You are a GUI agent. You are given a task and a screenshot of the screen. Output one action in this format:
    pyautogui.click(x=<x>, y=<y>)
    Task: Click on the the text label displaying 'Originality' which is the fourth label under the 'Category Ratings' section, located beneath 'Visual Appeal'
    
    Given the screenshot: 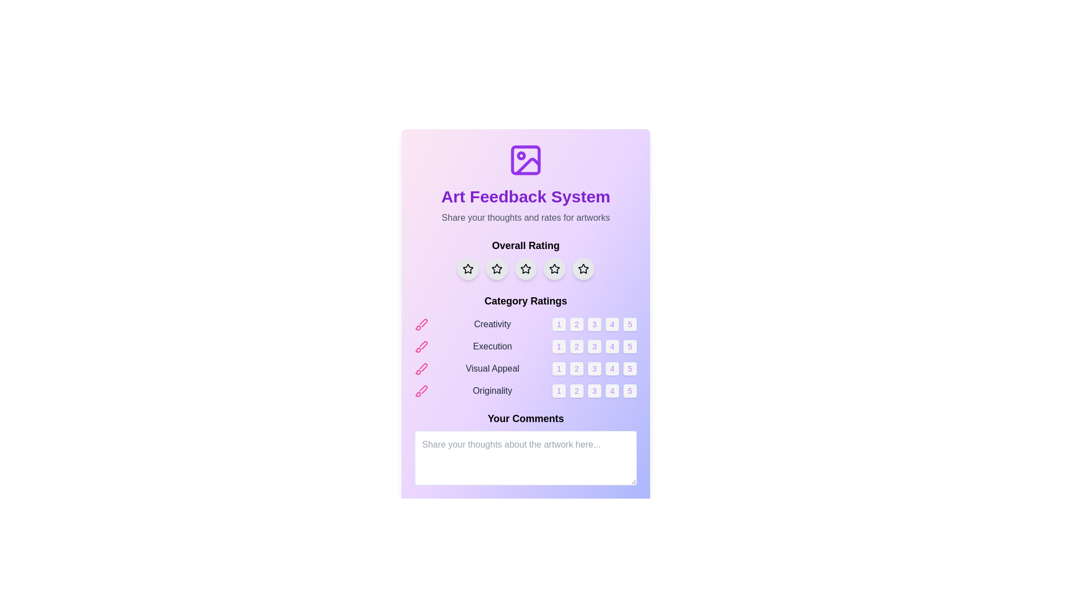 What is the action you would take?
    pyautogui.click(x=492, y=390)
    